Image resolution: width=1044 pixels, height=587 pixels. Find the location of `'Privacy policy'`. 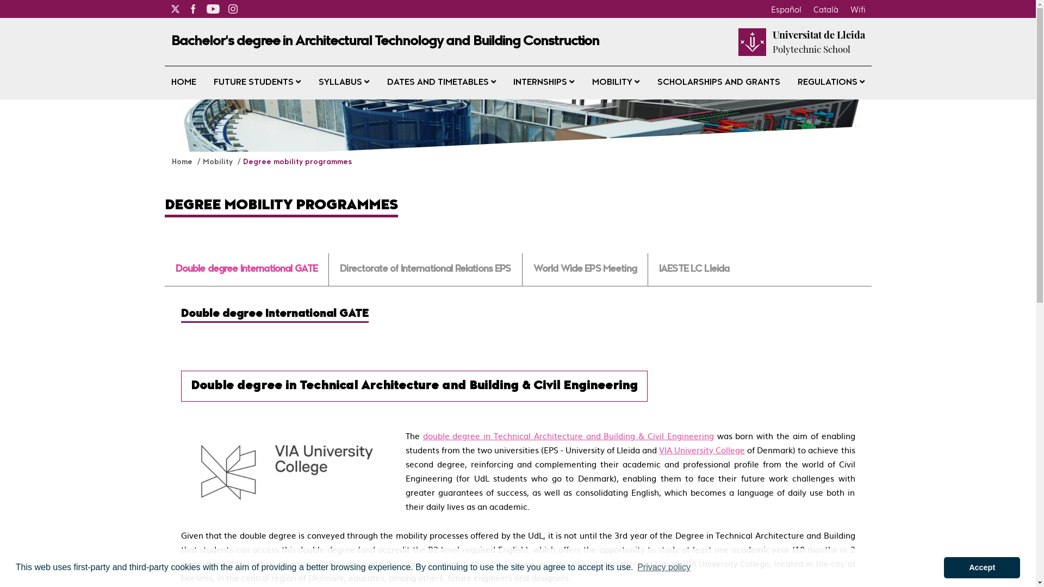

'Privacy policy' is located at coordinates (663, 567).